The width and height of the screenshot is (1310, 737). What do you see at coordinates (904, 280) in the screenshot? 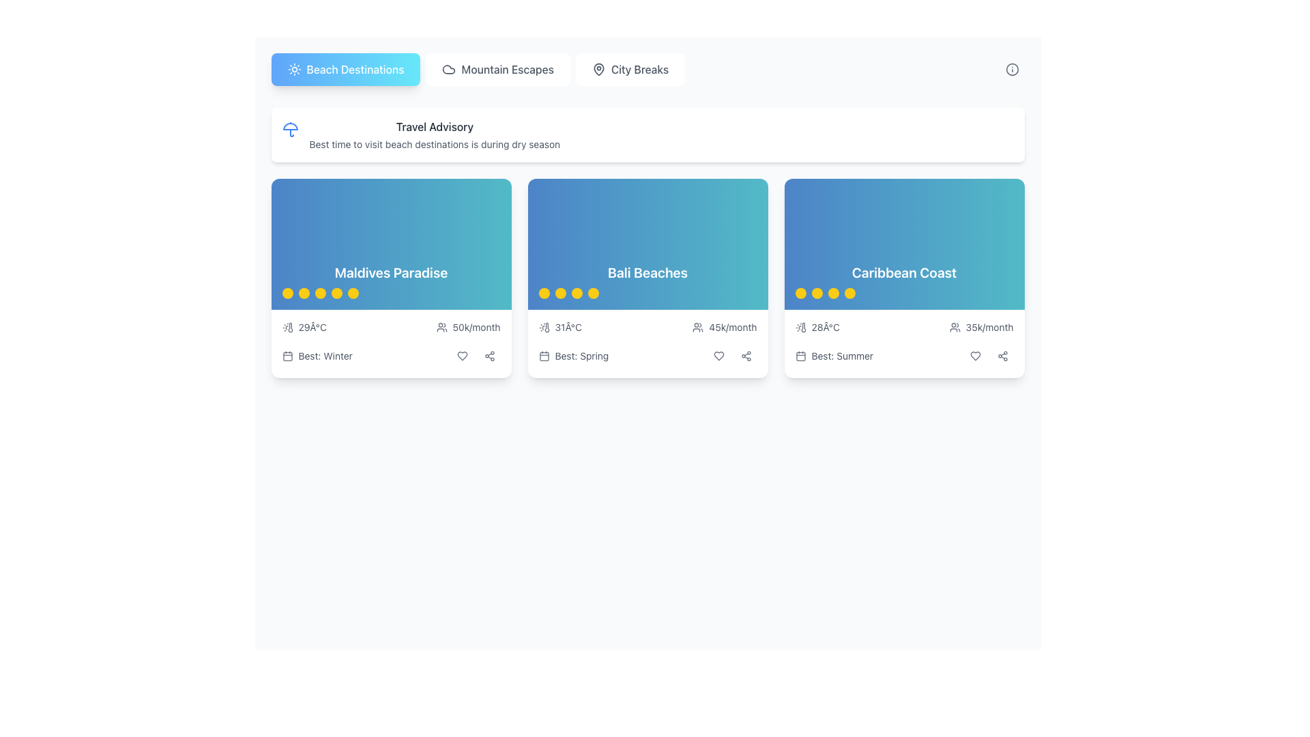
I see `the travel destination card identified by the Text Label with Rating Indicators from the bottom-right corner` at bounding box center [904, 280].